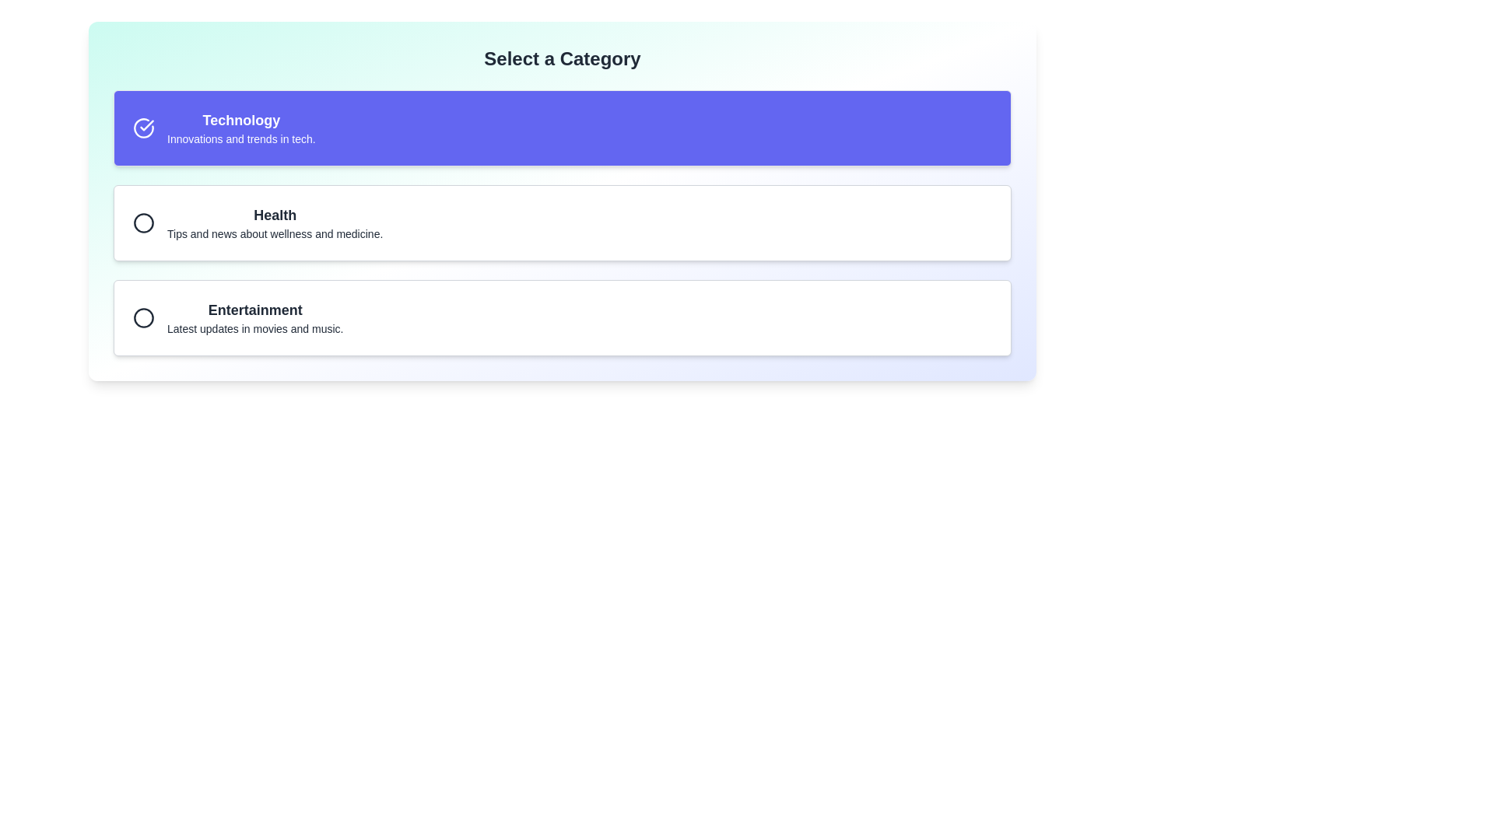 The height and width of the screenshot is (840, 1494). What do you see at coordinates (240, 128) in the screenshot?
I see `the 'Technology' category selection button` at bounding box center [240, 128].